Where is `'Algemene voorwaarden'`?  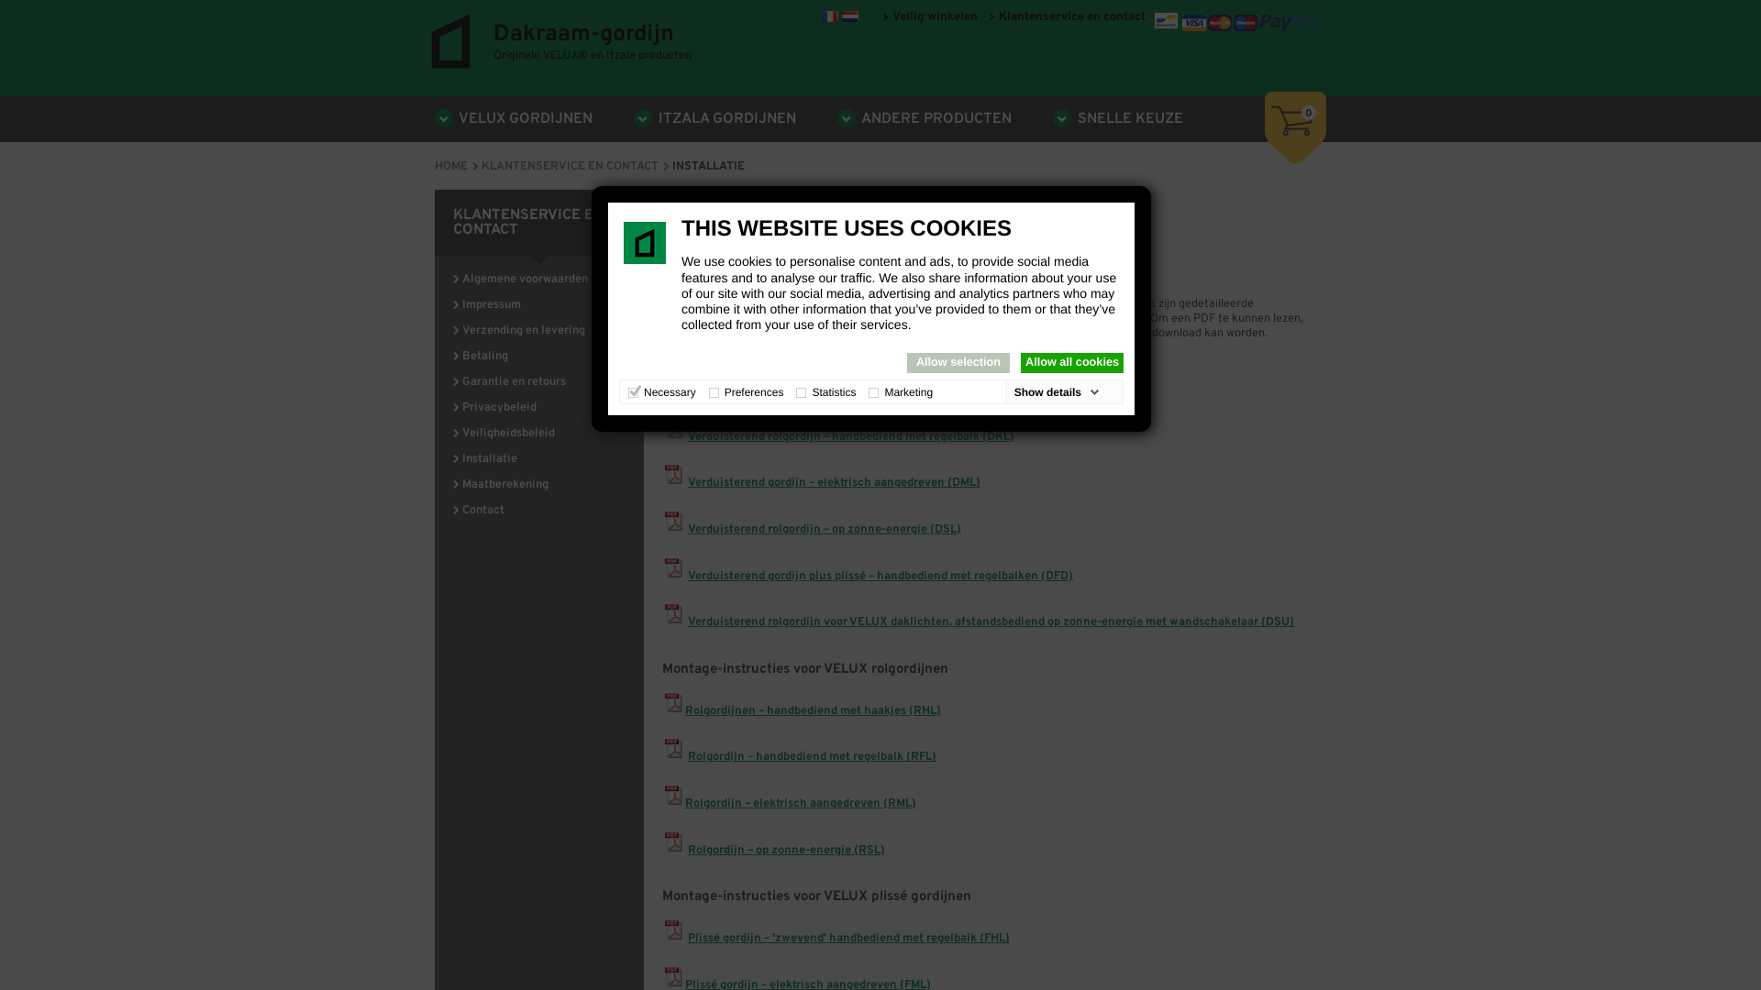
'Algemene voorwaarden' is located at coordinates (524, 279).